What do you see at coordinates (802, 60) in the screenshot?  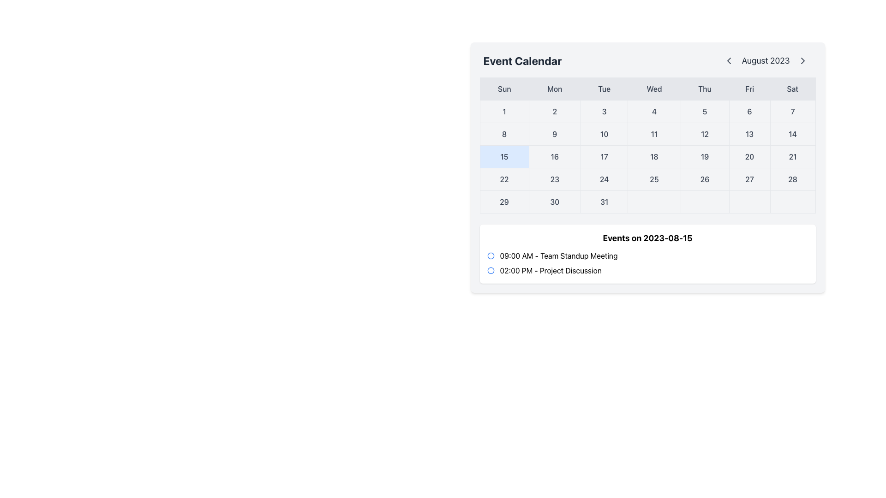 I see `the right-facing chevron icon button with a gray color and hover effect to activate style changes` at bounding box center [802, 60].